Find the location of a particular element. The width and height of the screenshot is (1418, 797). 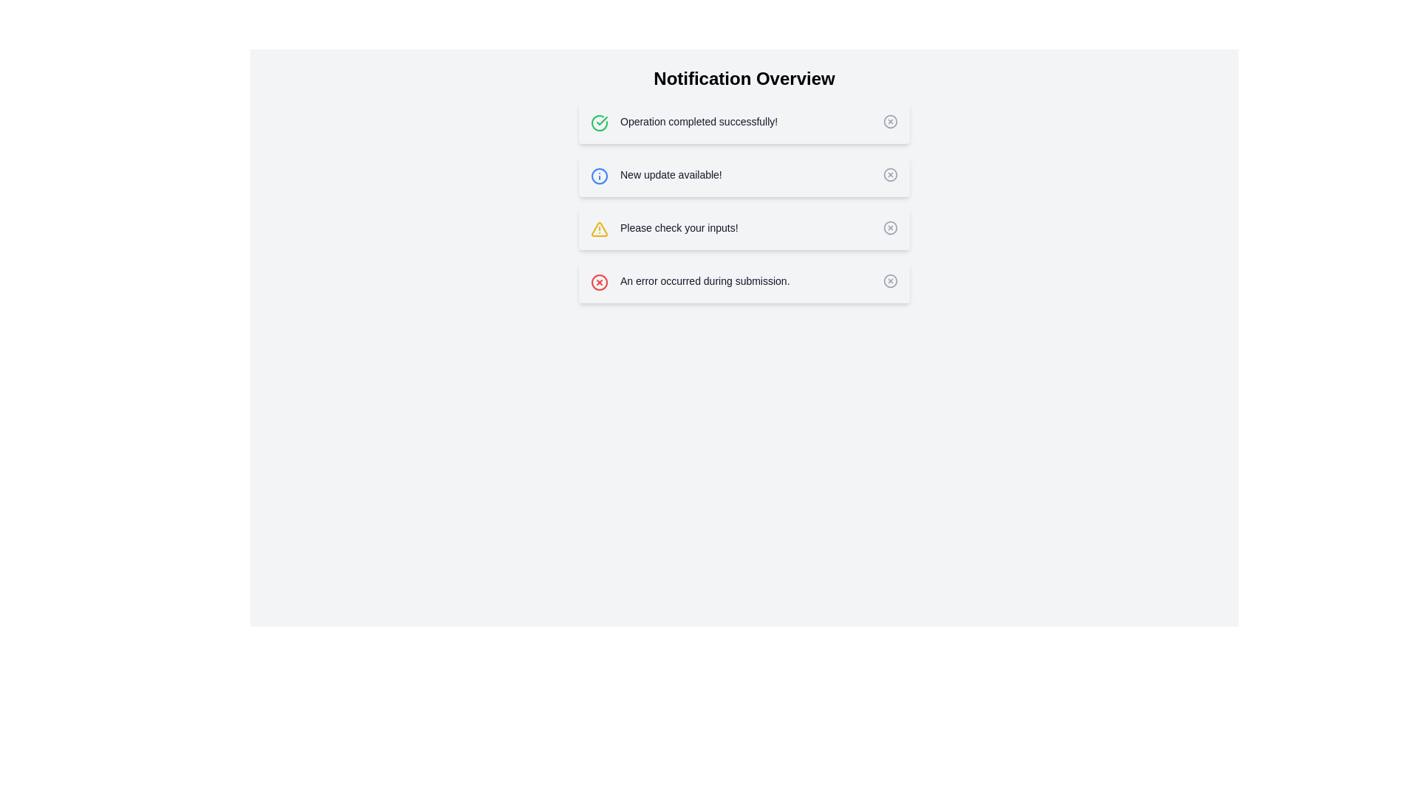

the circular SVG graphic element that is part of the error notification, which is located to the far right of the last notification item indicating 'An error occurred during submission.' is located at coordinates (889, 281).